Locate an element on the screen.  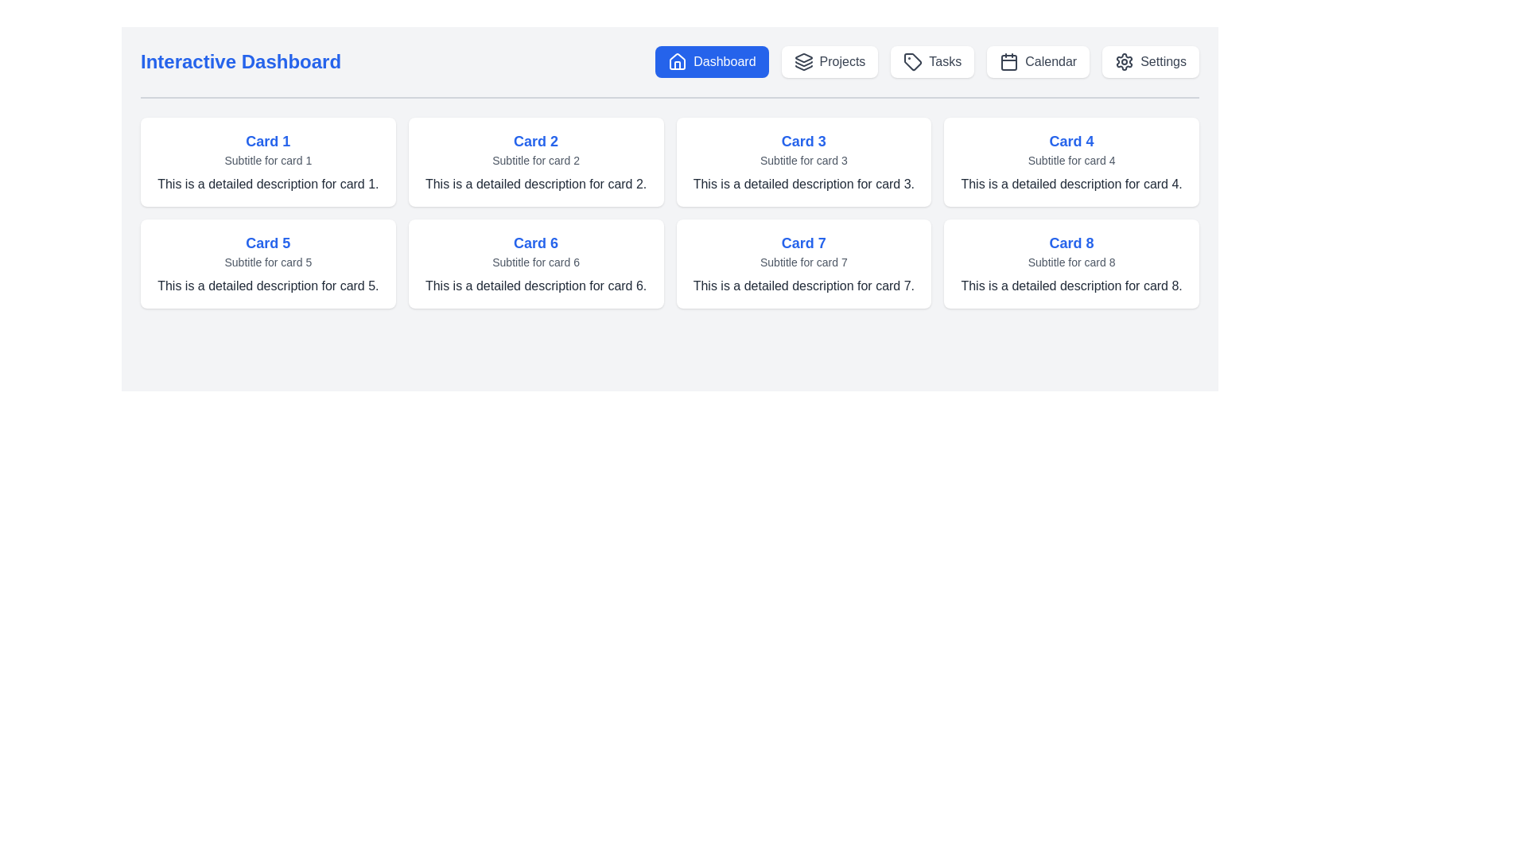
the SVG tag icon located within the 'Tasks' button is located at coordinates (913, 60).